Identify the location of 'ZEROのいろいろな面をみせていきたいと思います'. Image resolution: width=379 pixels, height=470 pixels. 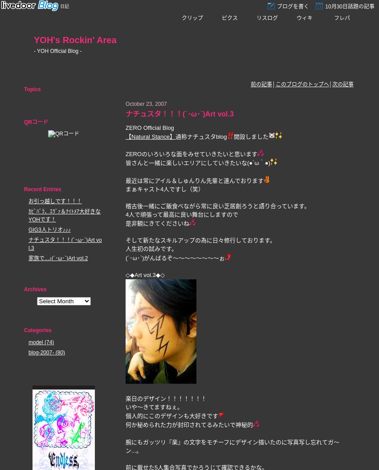
(192, 154).